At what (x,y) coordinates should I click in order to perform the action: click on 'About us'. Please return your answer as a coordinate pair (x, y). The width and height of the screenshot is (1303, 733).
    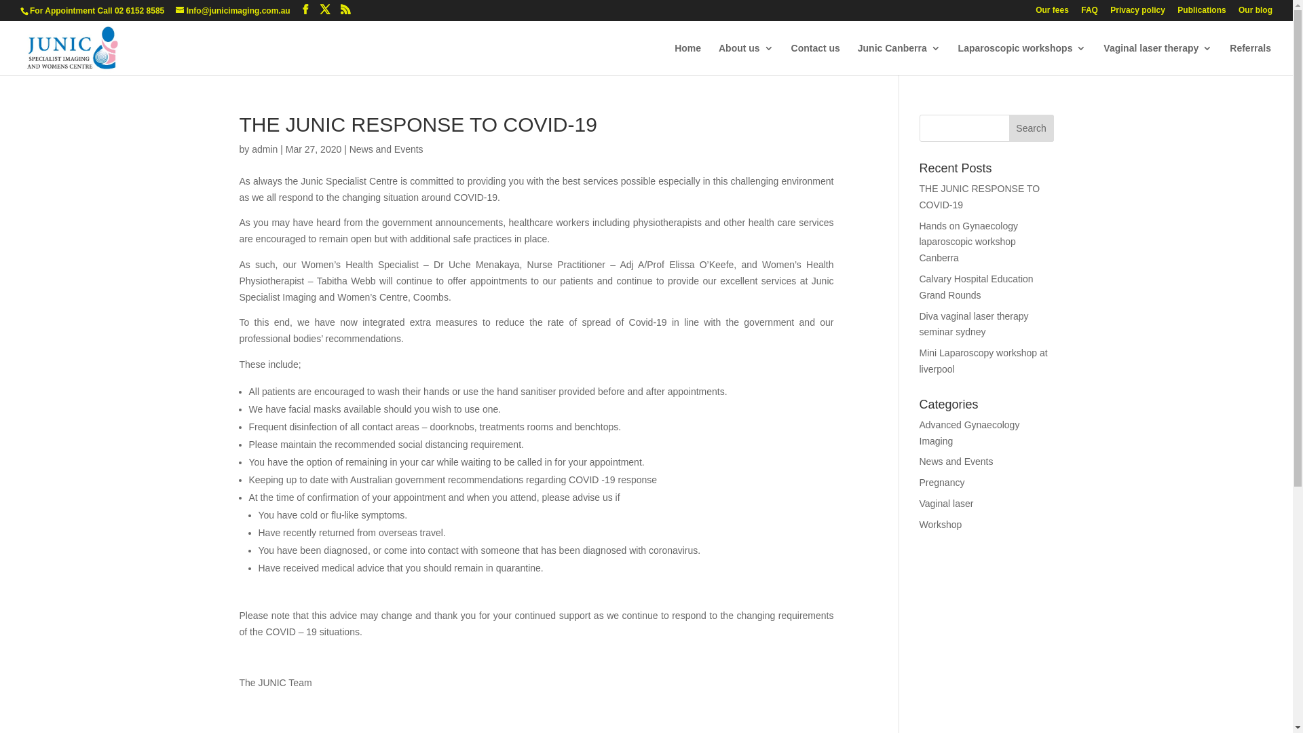
    Looking at the image, I should click on (745, 58).